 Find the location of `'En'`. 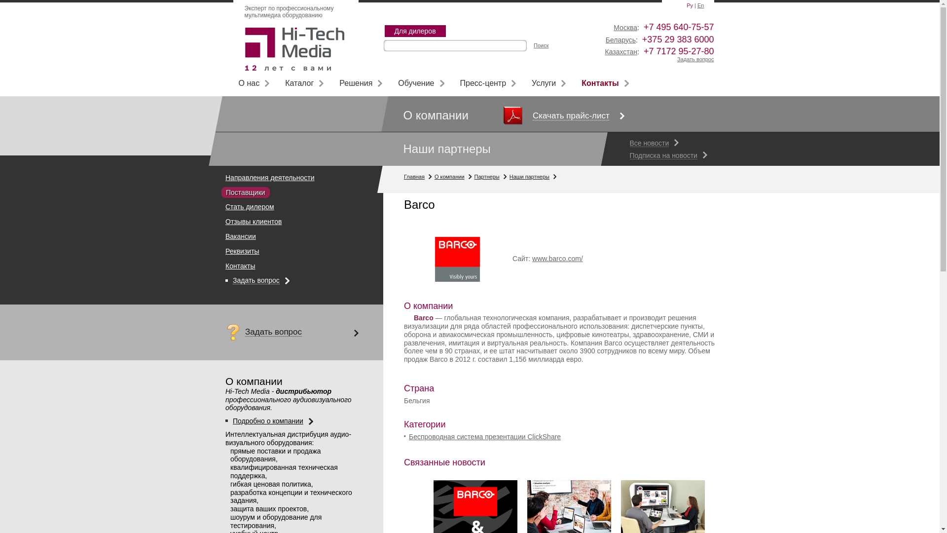

'En' is located at coordinates (697, 5).